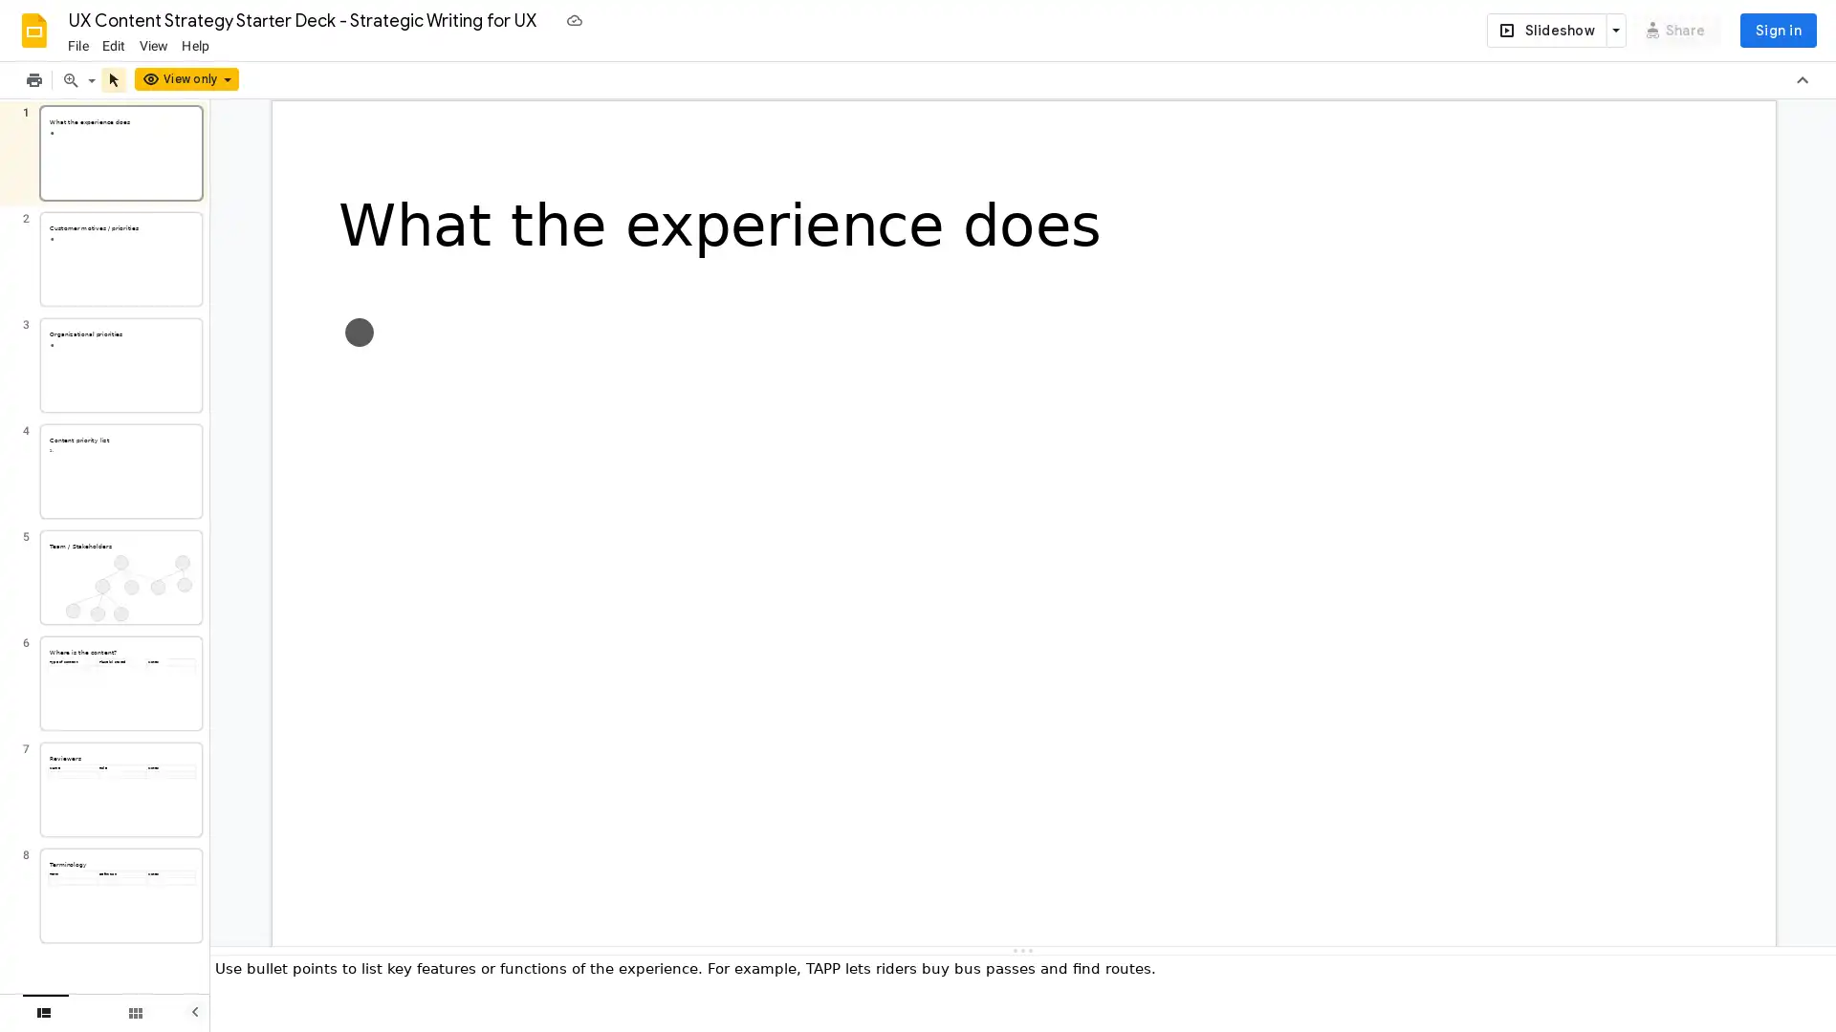  What do you see at coordinates (573, 19) in the screenshot?
I see `Document status: Saved to Drive.` at bounding box center [573, 19].